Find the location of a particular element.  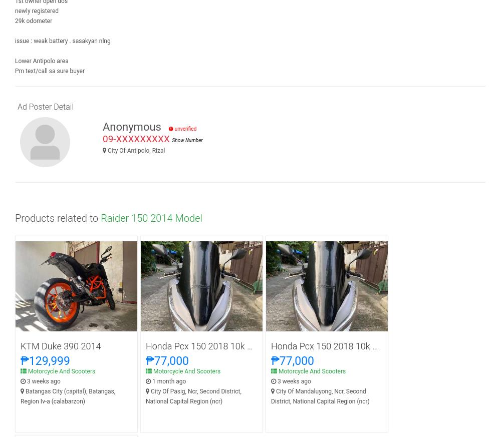

'Ad Poster Detail' is located at coordinates (45, 106).